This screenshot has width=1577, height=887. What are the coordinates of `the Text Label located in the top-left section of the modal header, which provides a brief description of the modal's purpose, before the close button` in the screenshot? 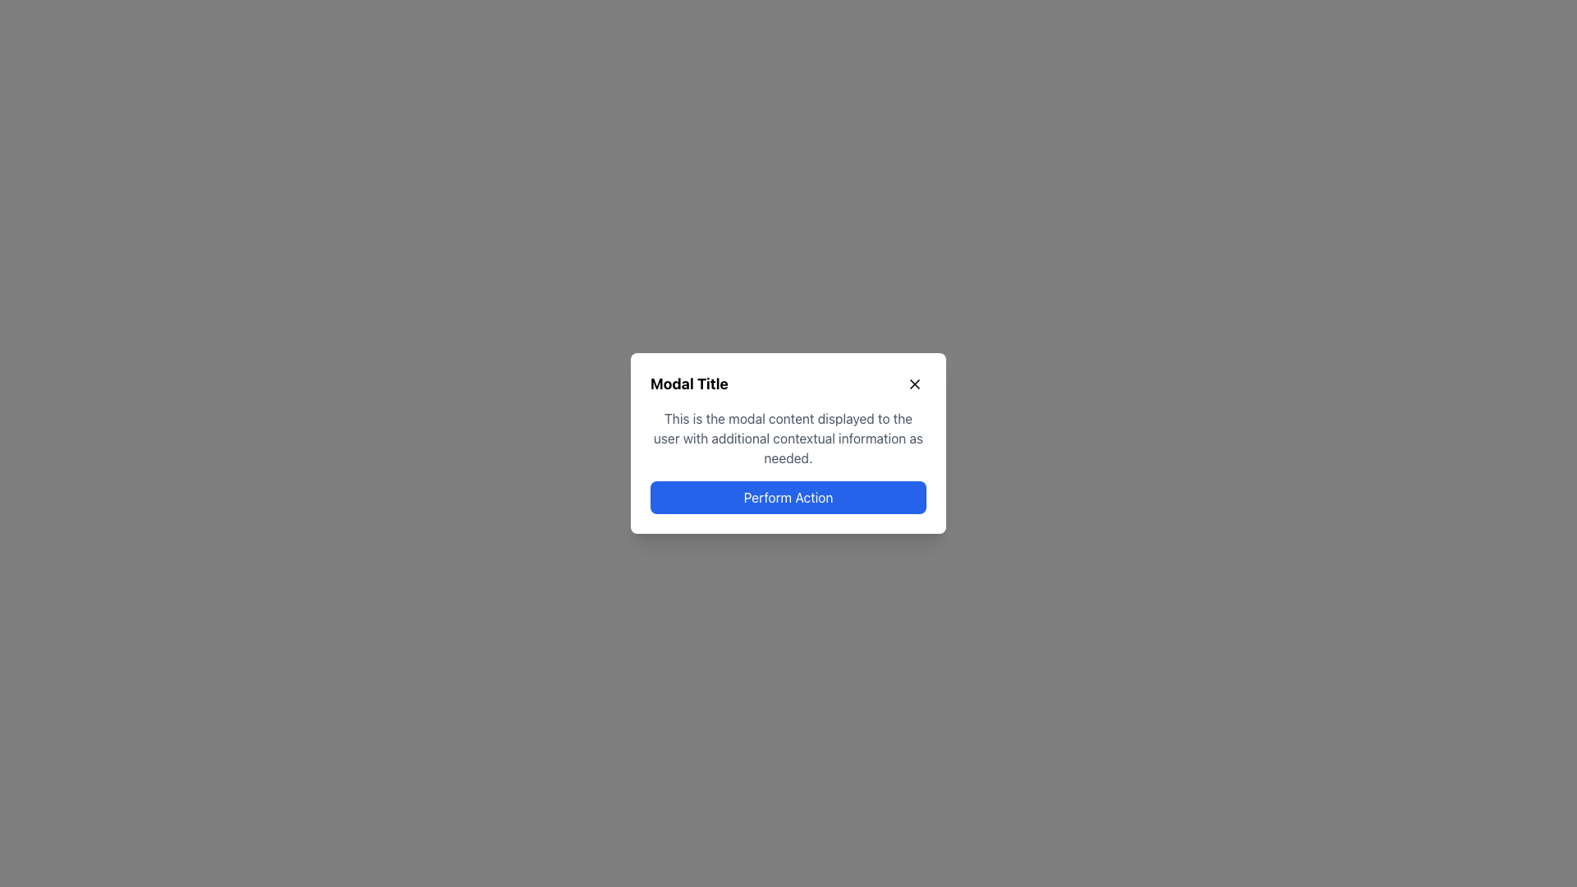 It's located at (689, 384).